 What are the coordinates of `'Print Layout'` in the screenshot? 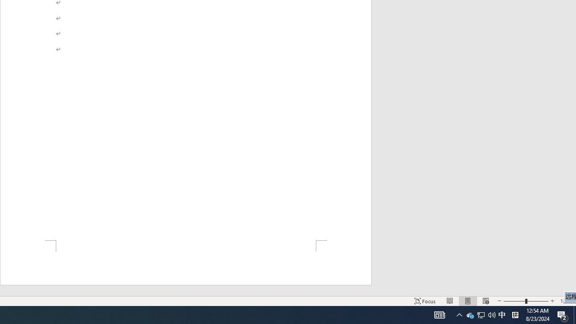 It's located at (468, 301).